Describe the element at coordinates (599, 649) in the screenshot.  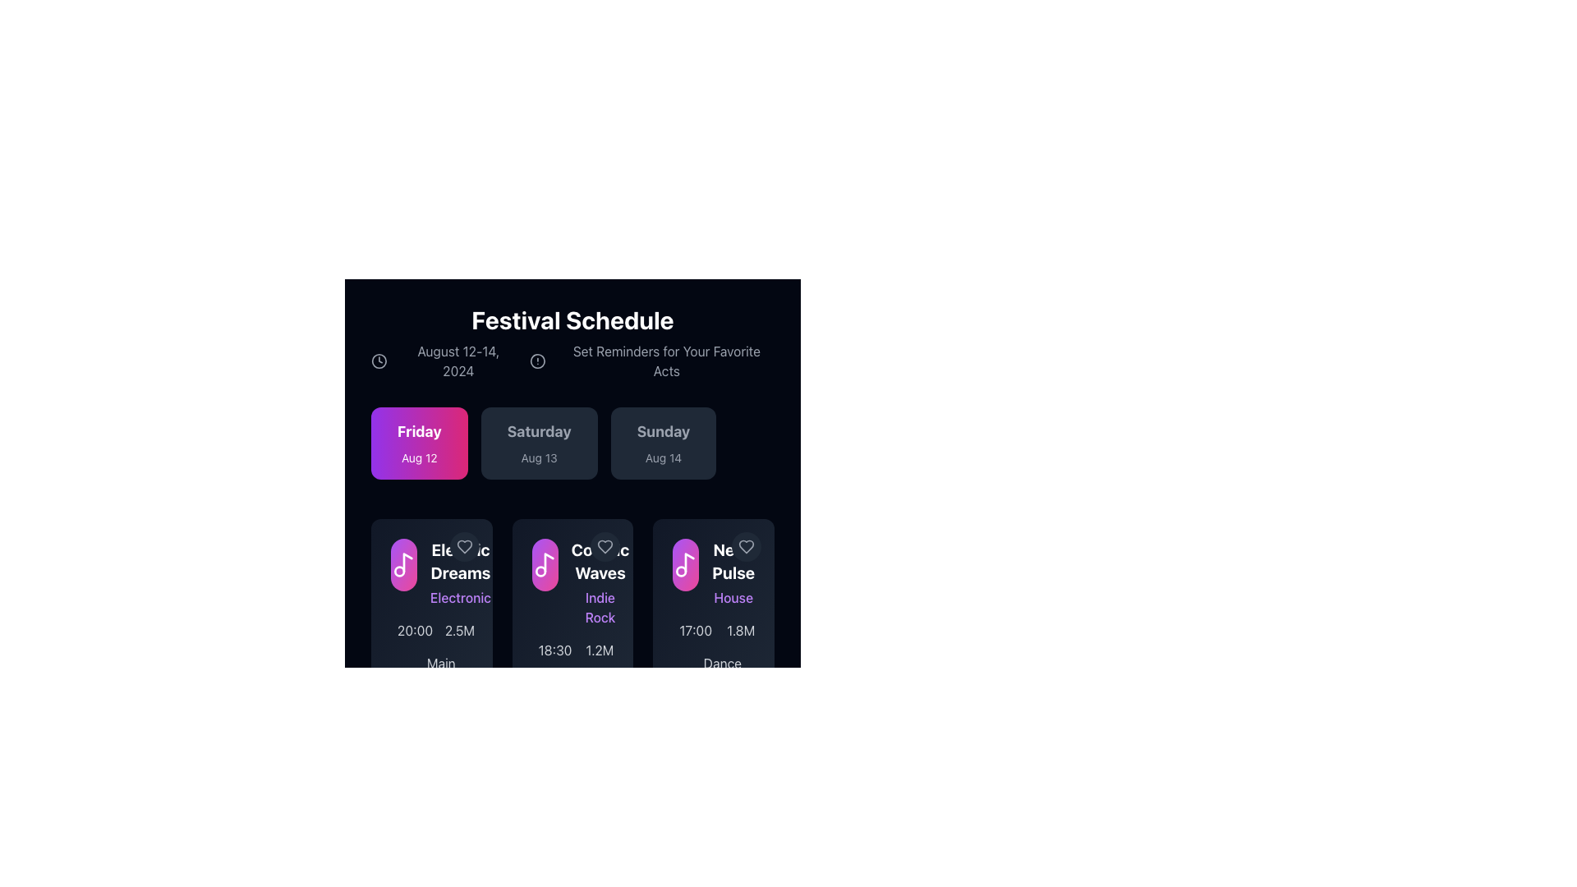
I see `the static text label displaying '1.2M' in gray color, positioned beneath the 'Cosmic Waves' event card and aligned with other text elements` at that location.